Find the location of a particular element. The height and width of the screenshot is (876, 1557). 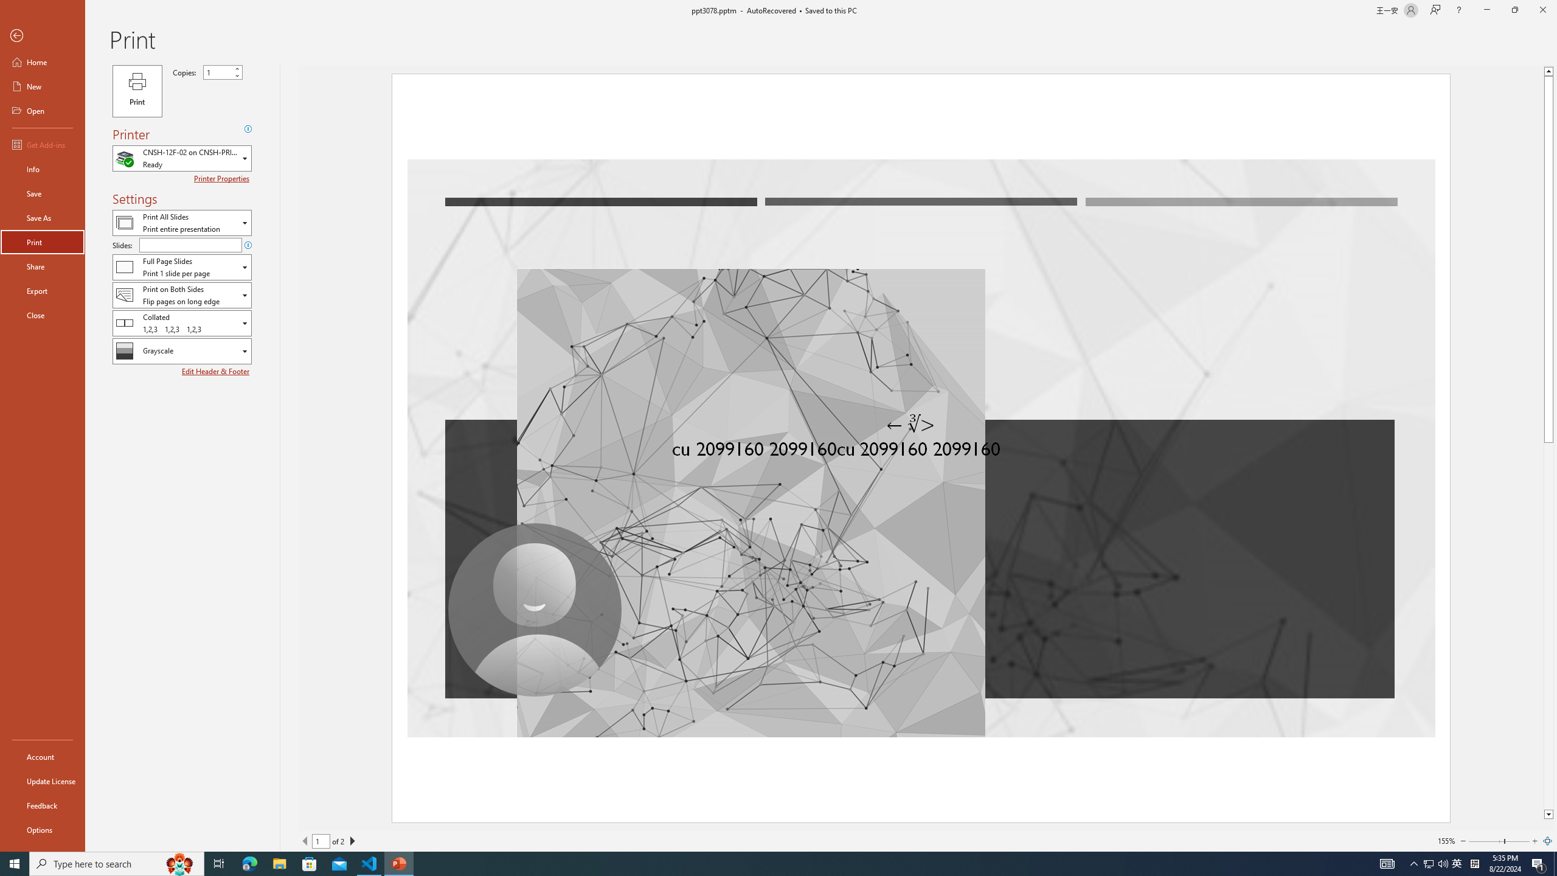

'Next Page' is located at coordinates (352, 841).